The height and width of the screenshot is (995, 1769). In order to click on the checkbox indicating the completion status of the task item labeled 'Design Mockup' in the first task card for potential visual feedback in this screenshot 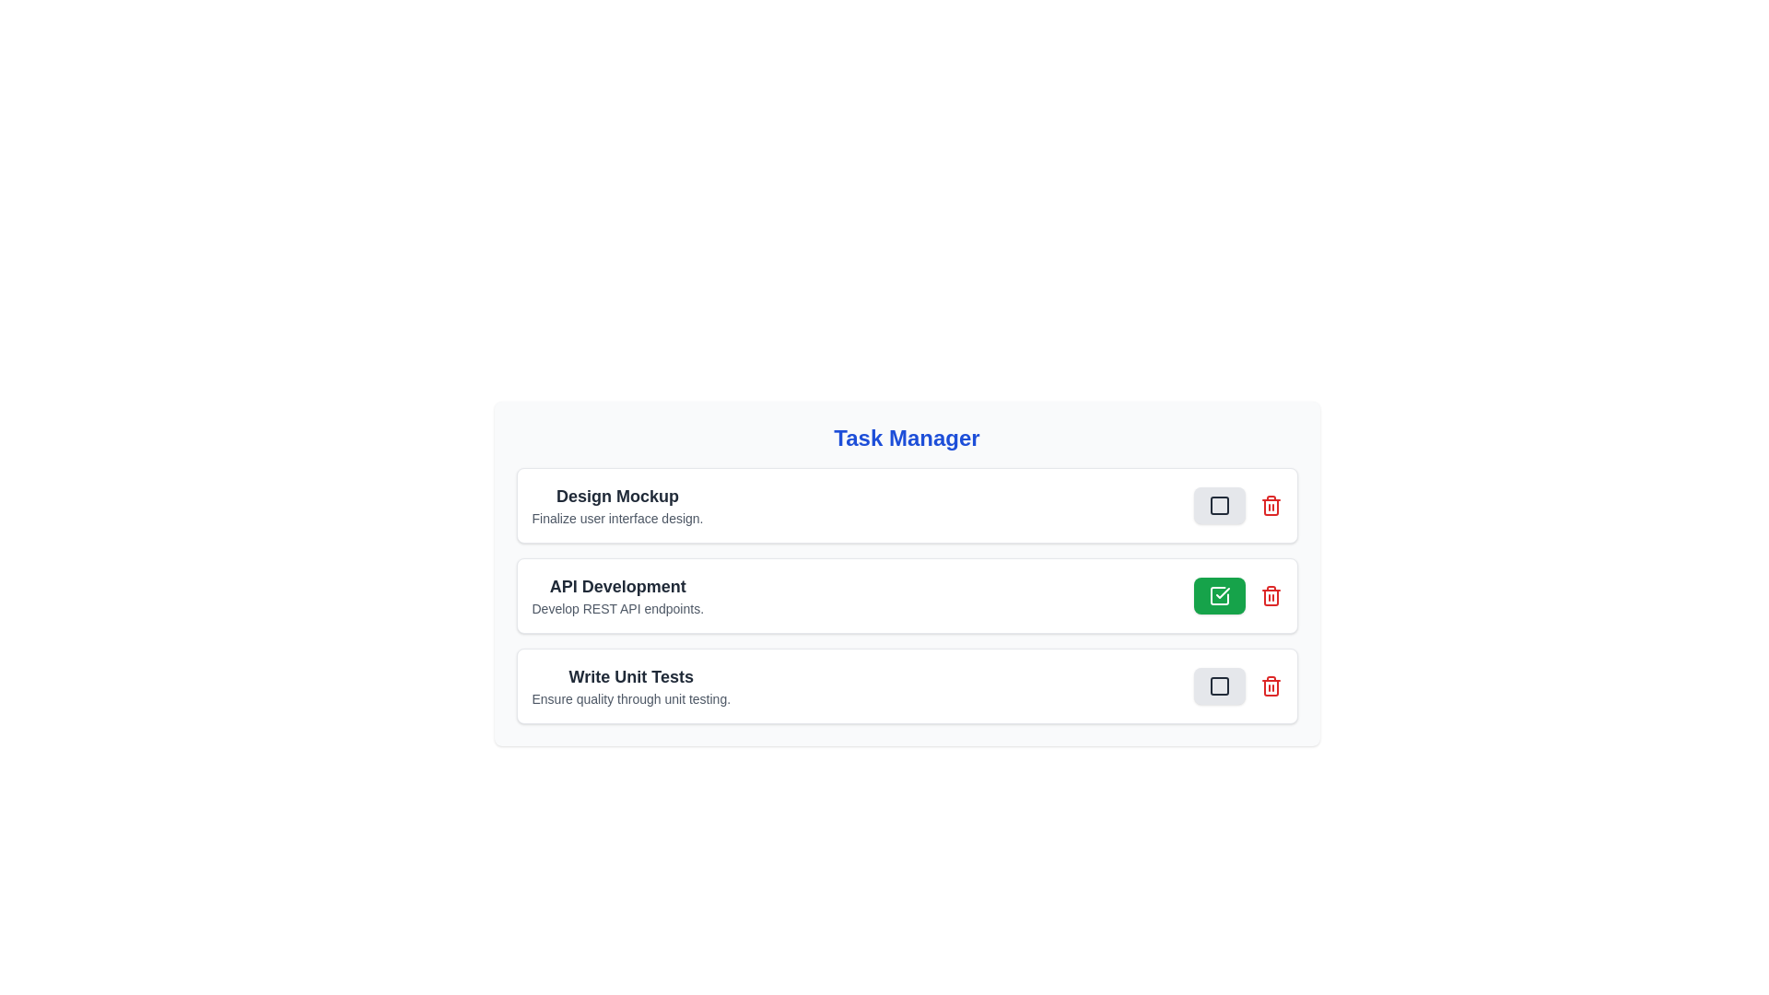, I will do `click(1219, 505)`.